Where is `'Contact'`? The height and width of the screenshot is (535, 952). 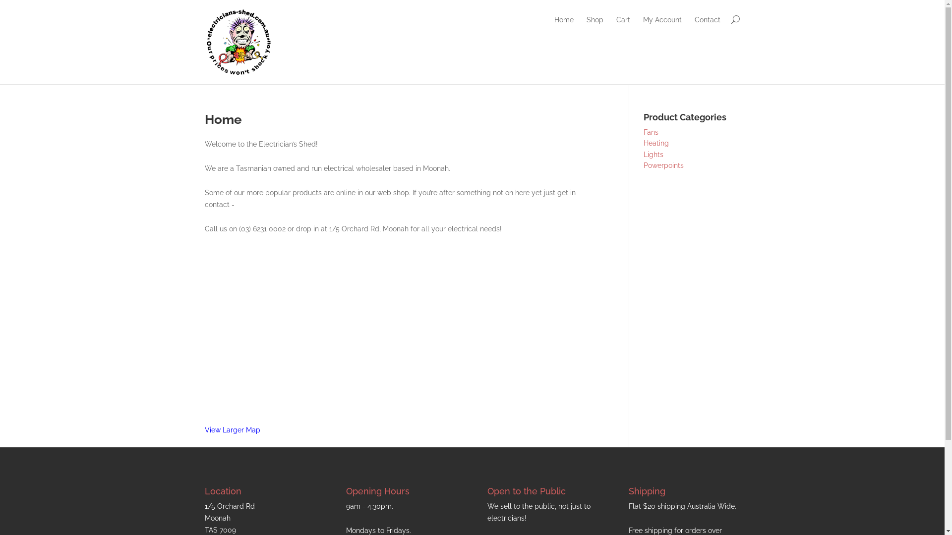 'Contact' is located at coordinates (706, 26).